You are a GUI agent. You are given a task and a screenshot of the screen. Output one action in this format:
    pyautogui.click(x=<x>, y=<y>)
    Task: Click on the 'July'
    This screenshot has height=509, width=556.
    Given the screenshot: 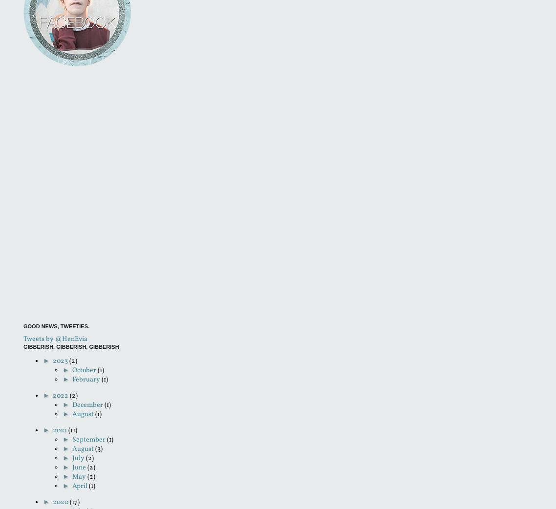 What is the action you would take?
    pyautogui.click(x=79, y=458)
    